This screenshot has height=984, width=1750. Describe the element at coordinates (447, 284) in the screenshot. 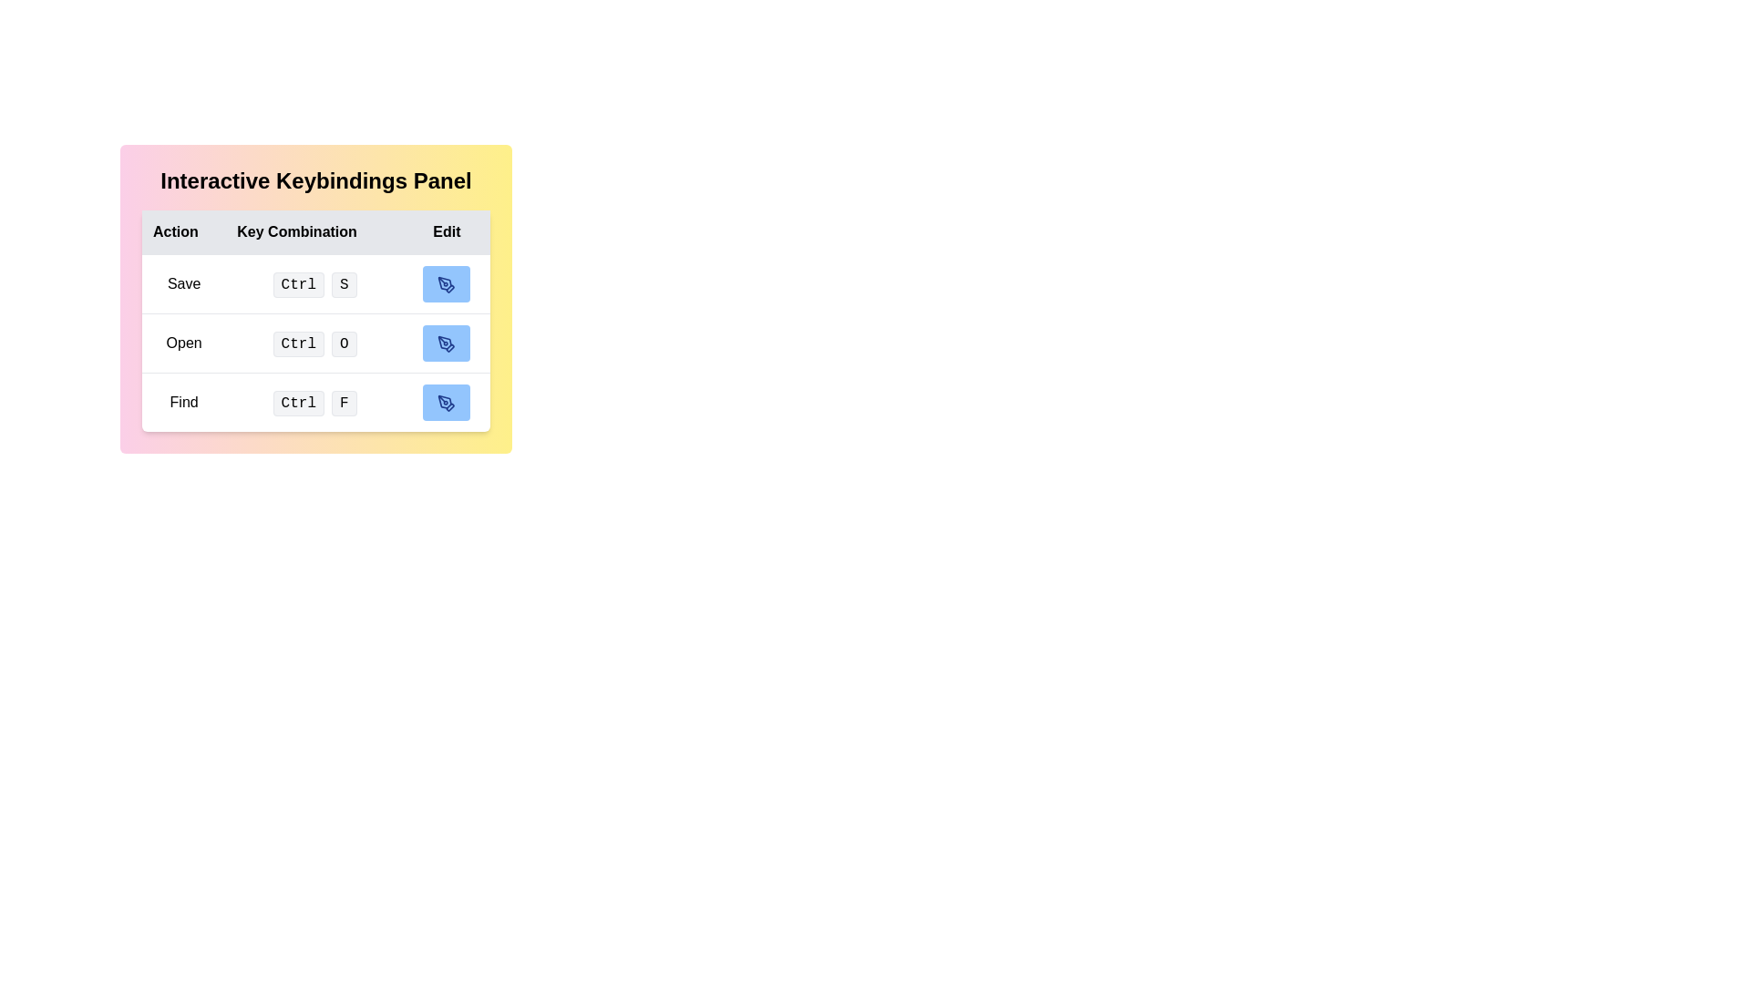

I see `the Icon Button with a blue background located in the 'Edit' column of the 'Save' row in the 'Interactive Keybindings Panel' to interact` at that location.